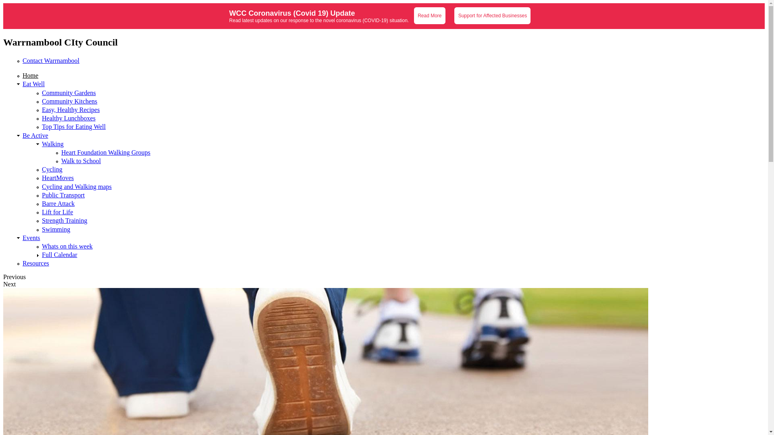 This screenshot has height=435, width=774. I want to click on 'Contact Warrnambool', so click(50, 60).